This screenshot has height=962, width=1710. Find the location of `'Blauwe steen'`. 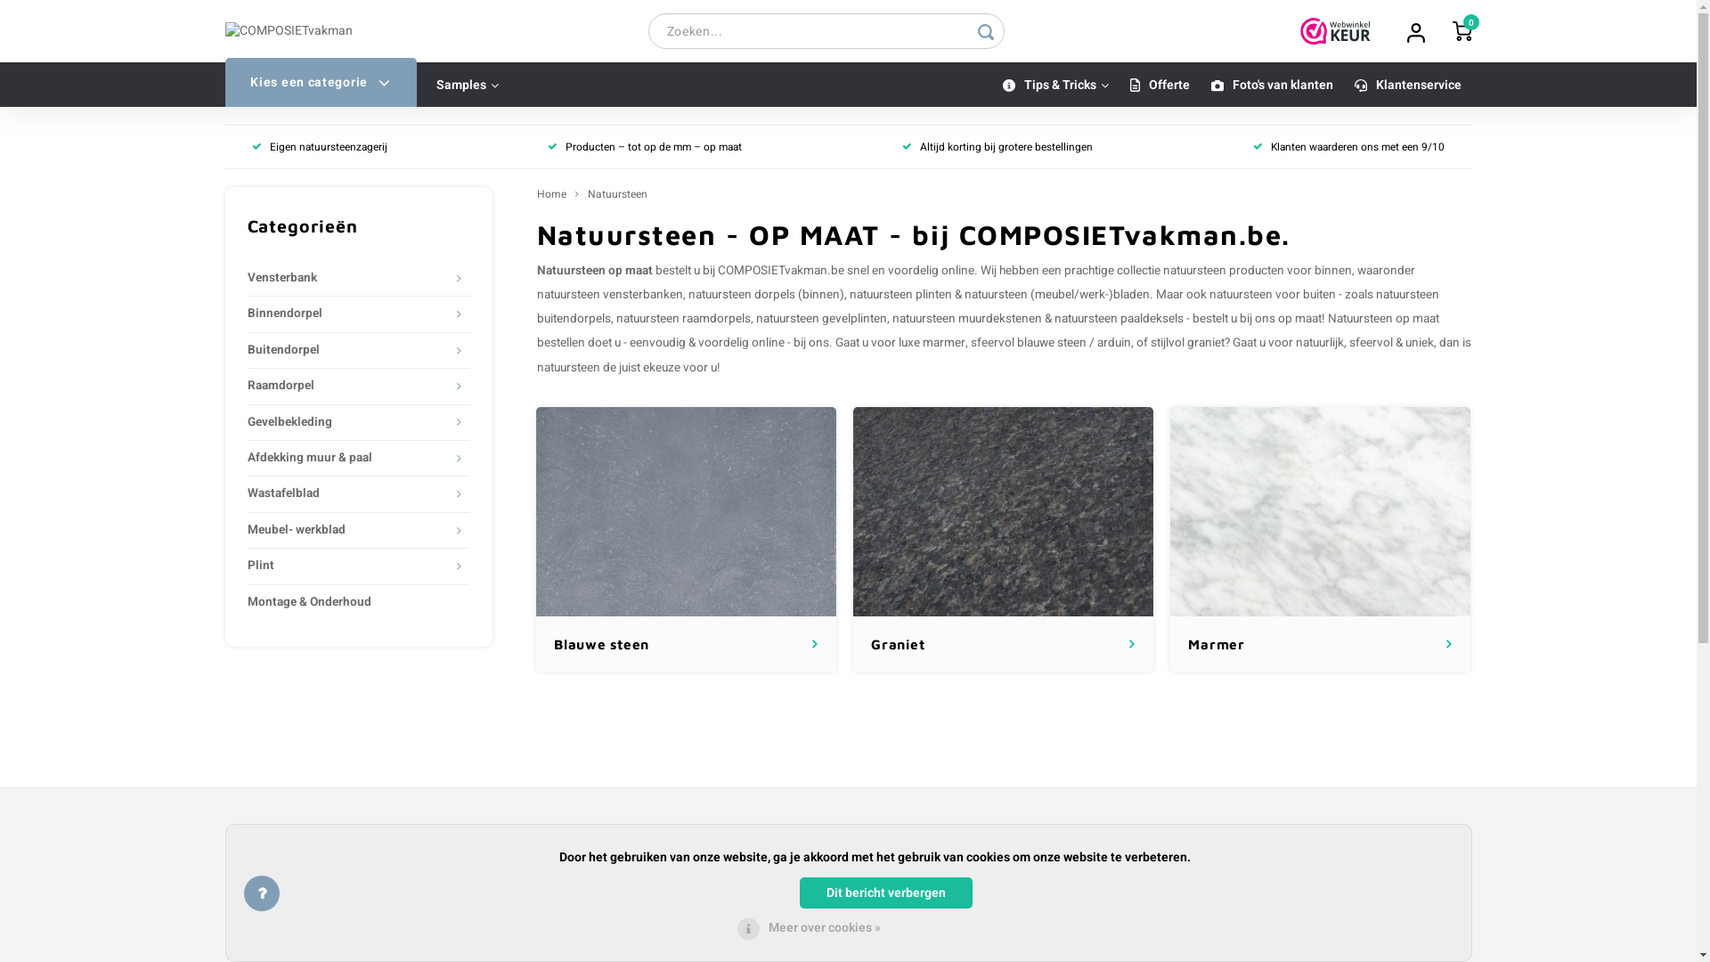

'Blauwe steen' is located at coordinates (685, 538).